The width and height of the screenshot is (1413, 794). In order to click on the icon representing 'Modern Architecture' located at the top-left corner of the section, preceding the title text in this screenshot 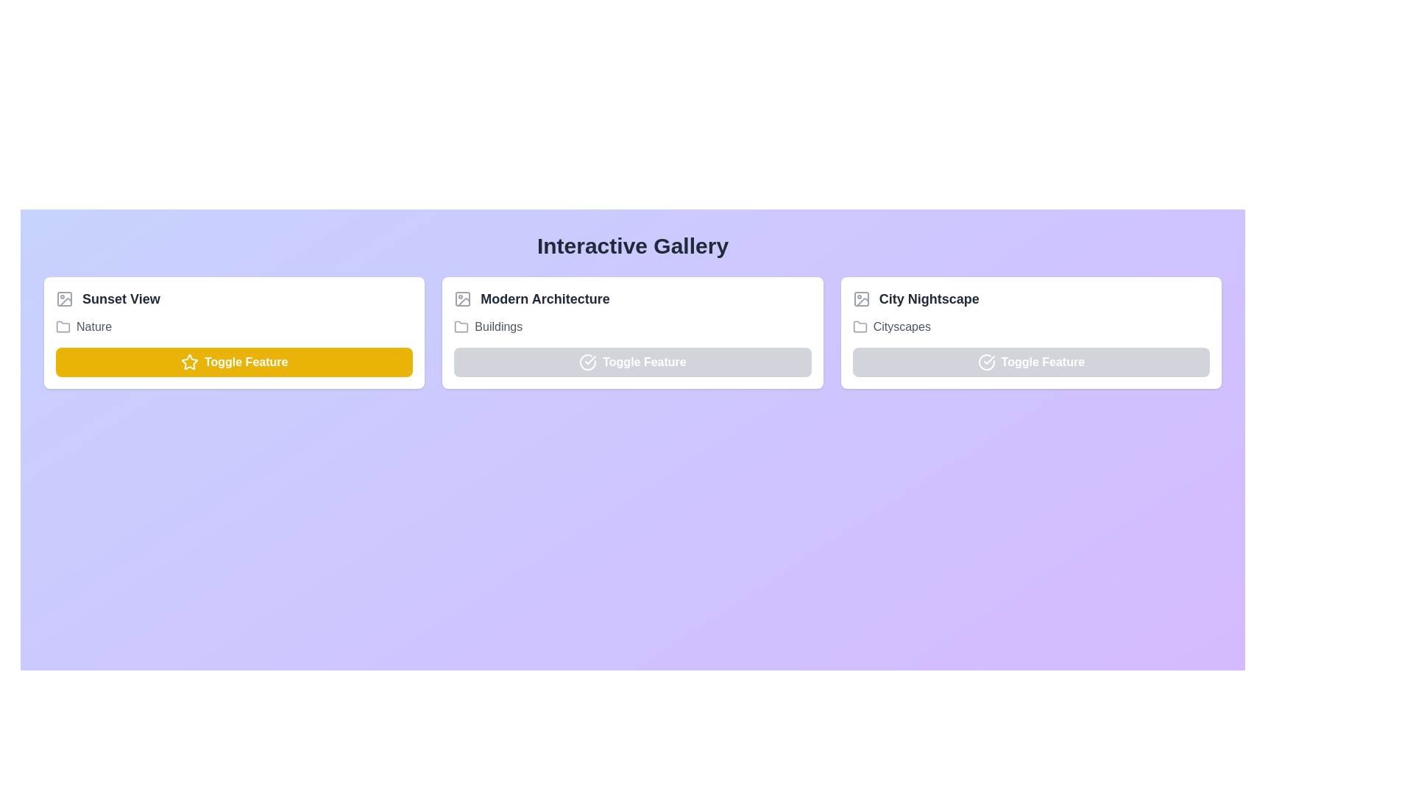, I will do `click(461, 298)`.